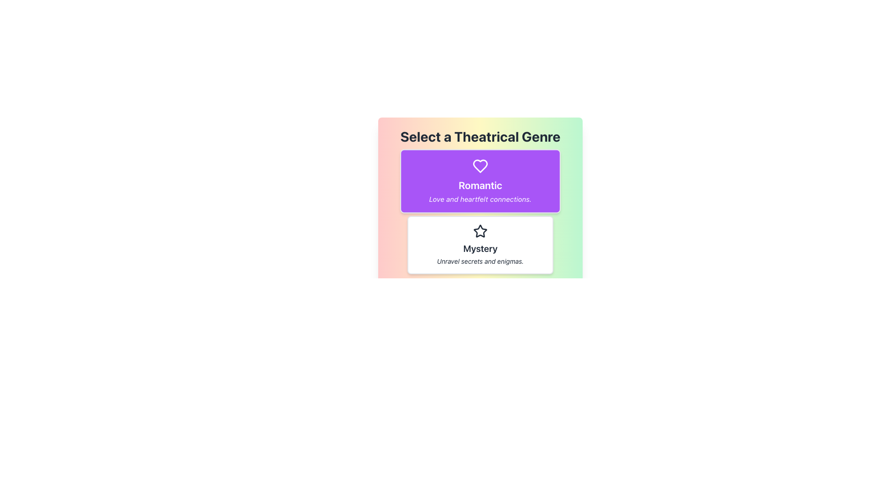 Image resolution: width=876 pixels, height=492 pixels. What do you see at coordinates (480, 166) in the screenshot?
I see `the heart icon representing the 'Romantic' genre, which is centrally aligned within the purple section of the top card labeled 'Romantic'` at bounding box center [480, 166].